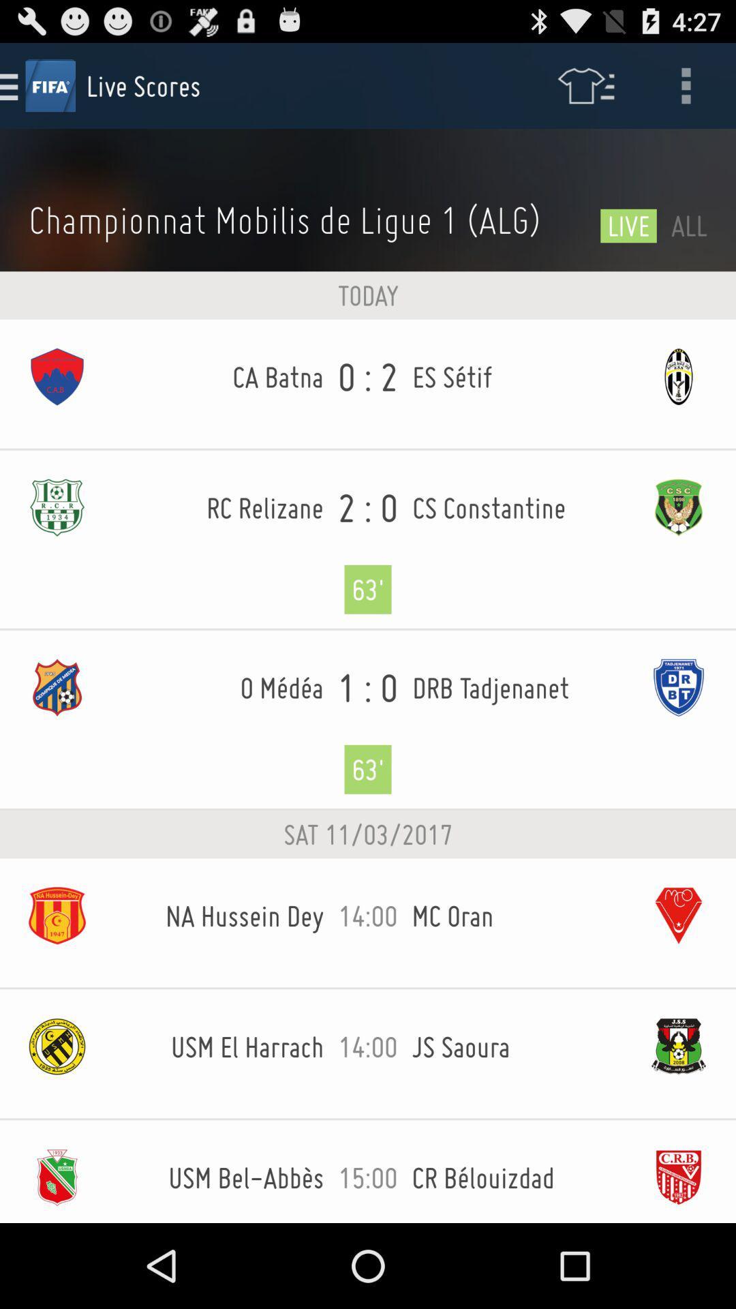  What do you see at coordinates (71, 376) in the screenshot?
I see `the first icon` at bounding box center [71, 376].